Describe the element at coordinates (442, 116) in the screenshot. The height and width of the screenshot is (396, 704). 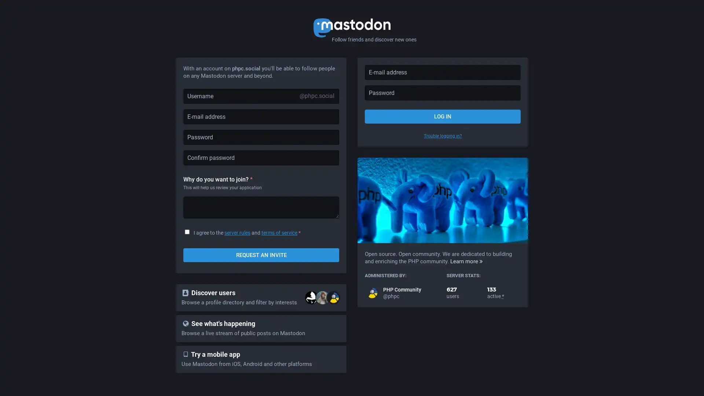
I see `LOG IN` at that location.